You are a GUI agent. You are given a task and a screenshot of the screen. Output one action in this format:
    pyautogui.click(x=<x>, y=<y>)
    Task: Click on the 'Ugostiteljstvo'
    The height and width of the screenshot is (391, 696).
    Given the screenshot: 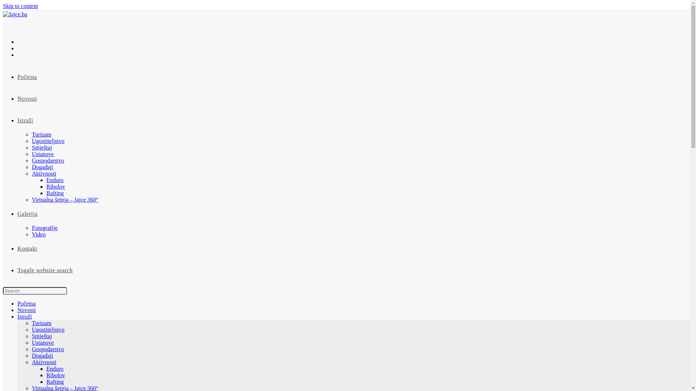 What is the action you would take?
    pyautogui.click(x=48, y=329)
    